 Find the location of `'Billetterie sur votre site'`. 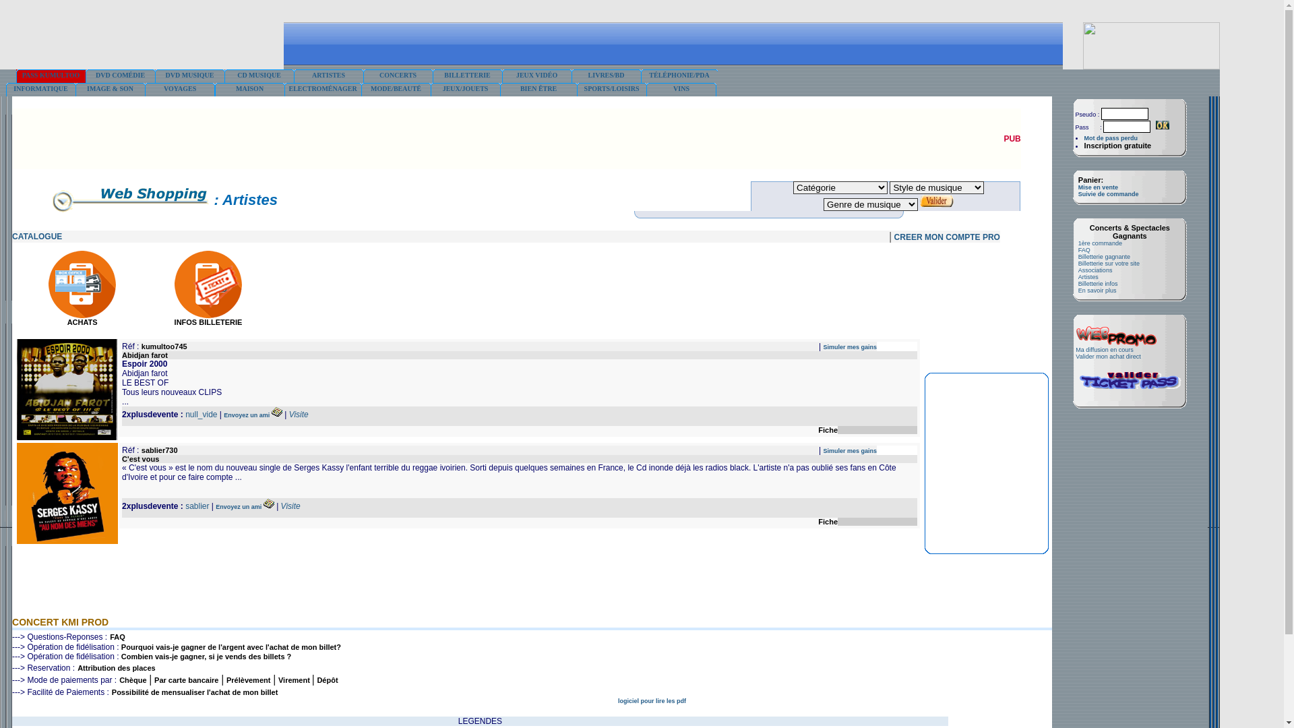

'Billetterie sur votre site' is located at coordinates (1077, 263).